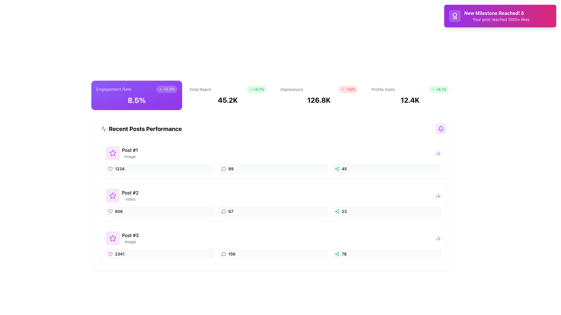  Describe the element at coordinates (256, 90) in the screenshot. I see `the Informational badge displaying the value '+5.7%' with a green background, indicating a positive change, located in the 'Total Reach' section` at that location.